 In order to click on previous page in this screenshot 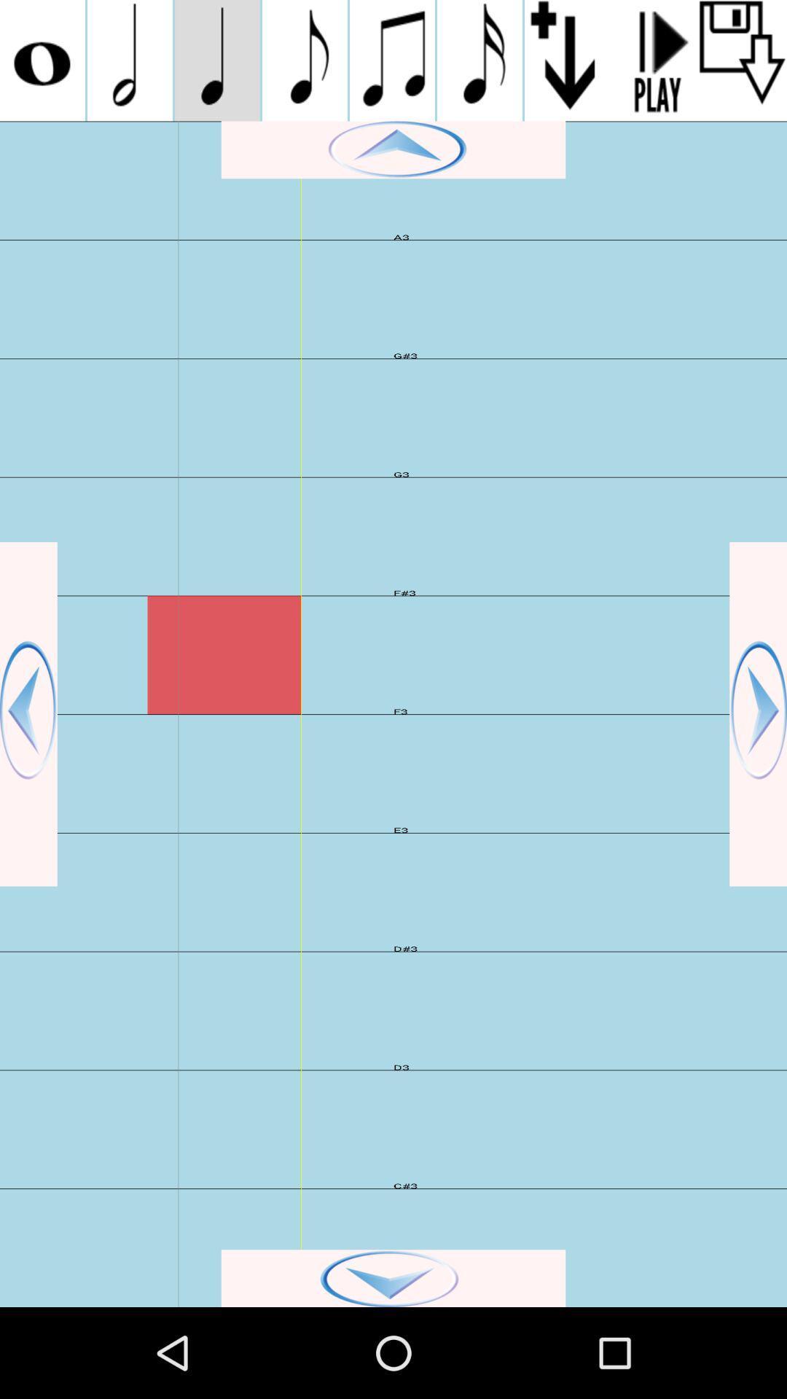, I will do `click(28, 714)`.